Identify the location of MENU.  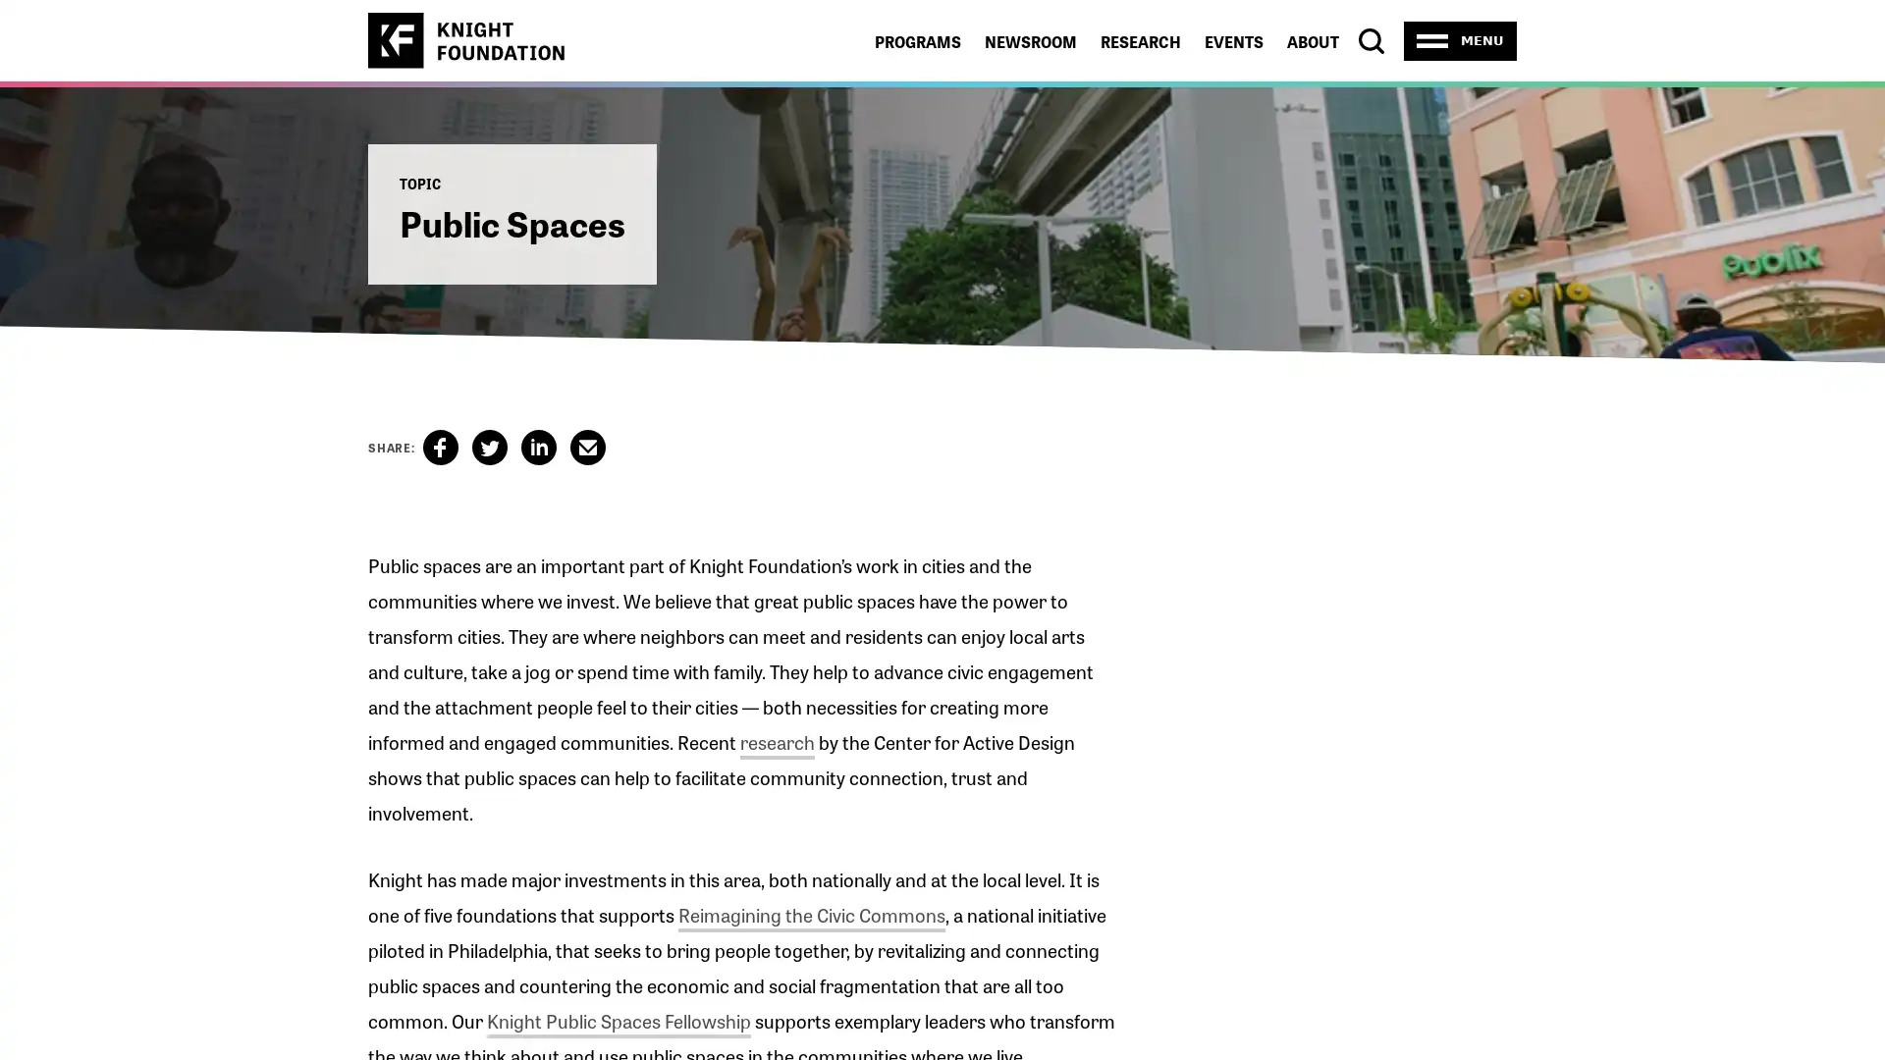
(1460, 40).